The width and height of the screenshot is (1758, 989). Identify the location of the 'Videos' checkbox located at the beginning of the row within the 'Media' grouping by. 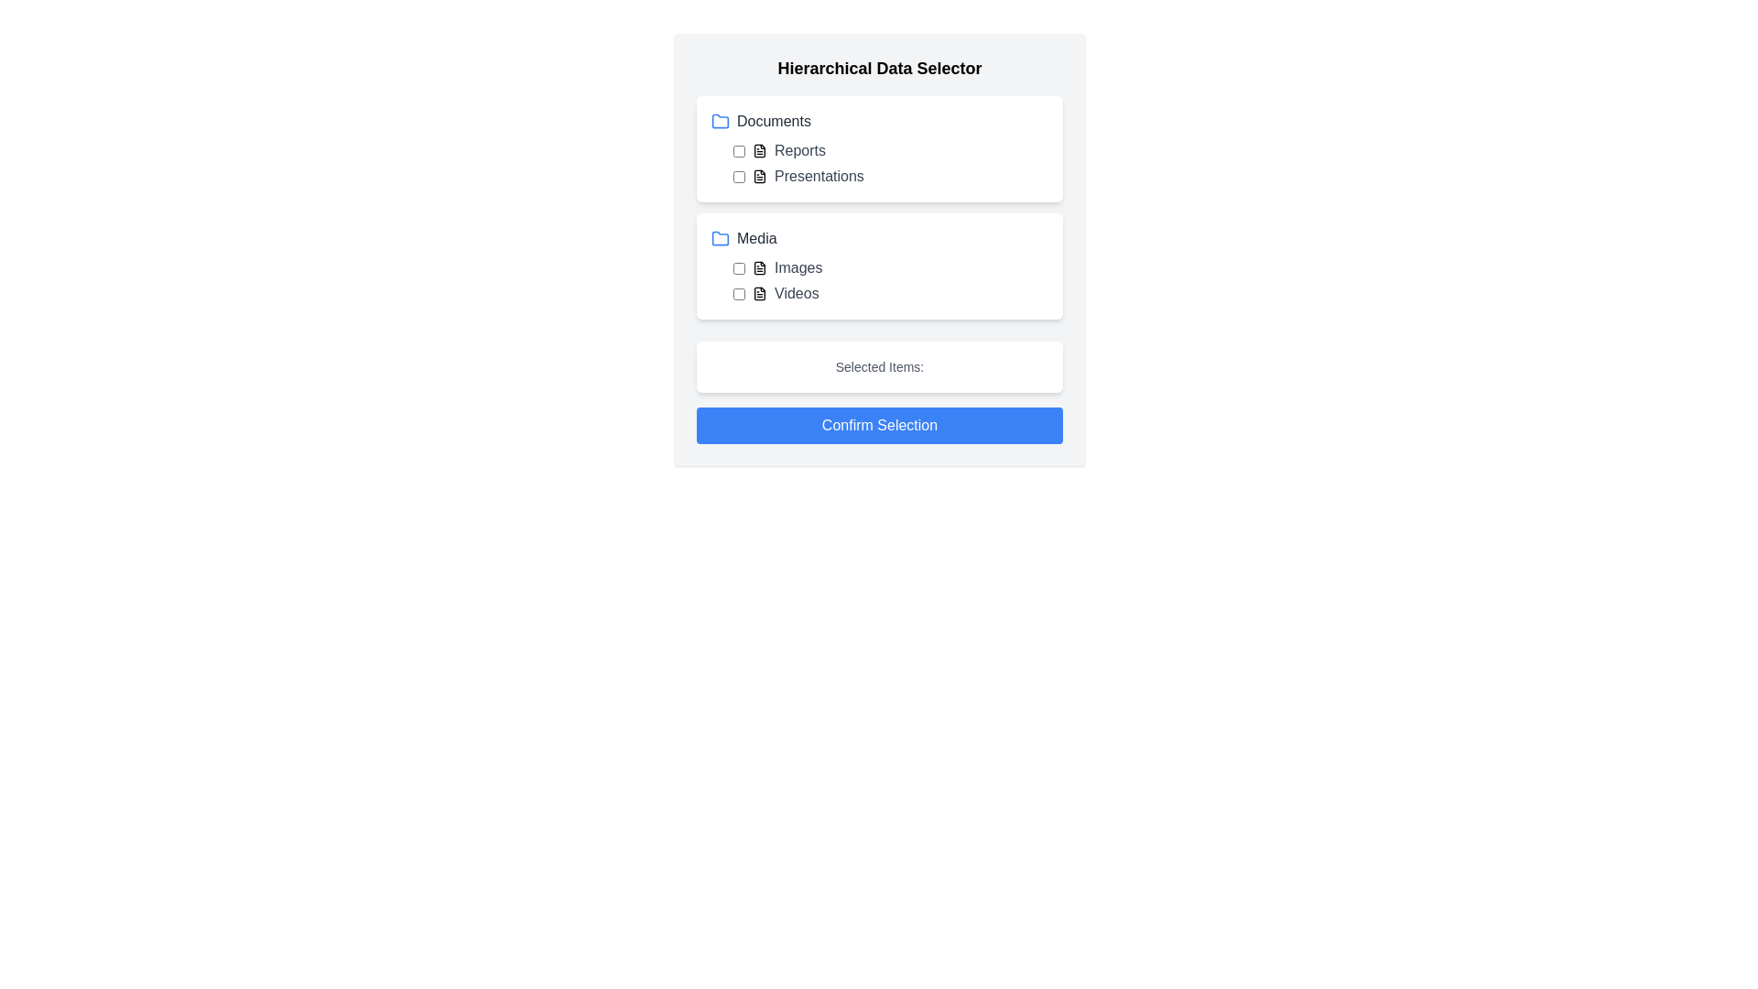
(739, 292).